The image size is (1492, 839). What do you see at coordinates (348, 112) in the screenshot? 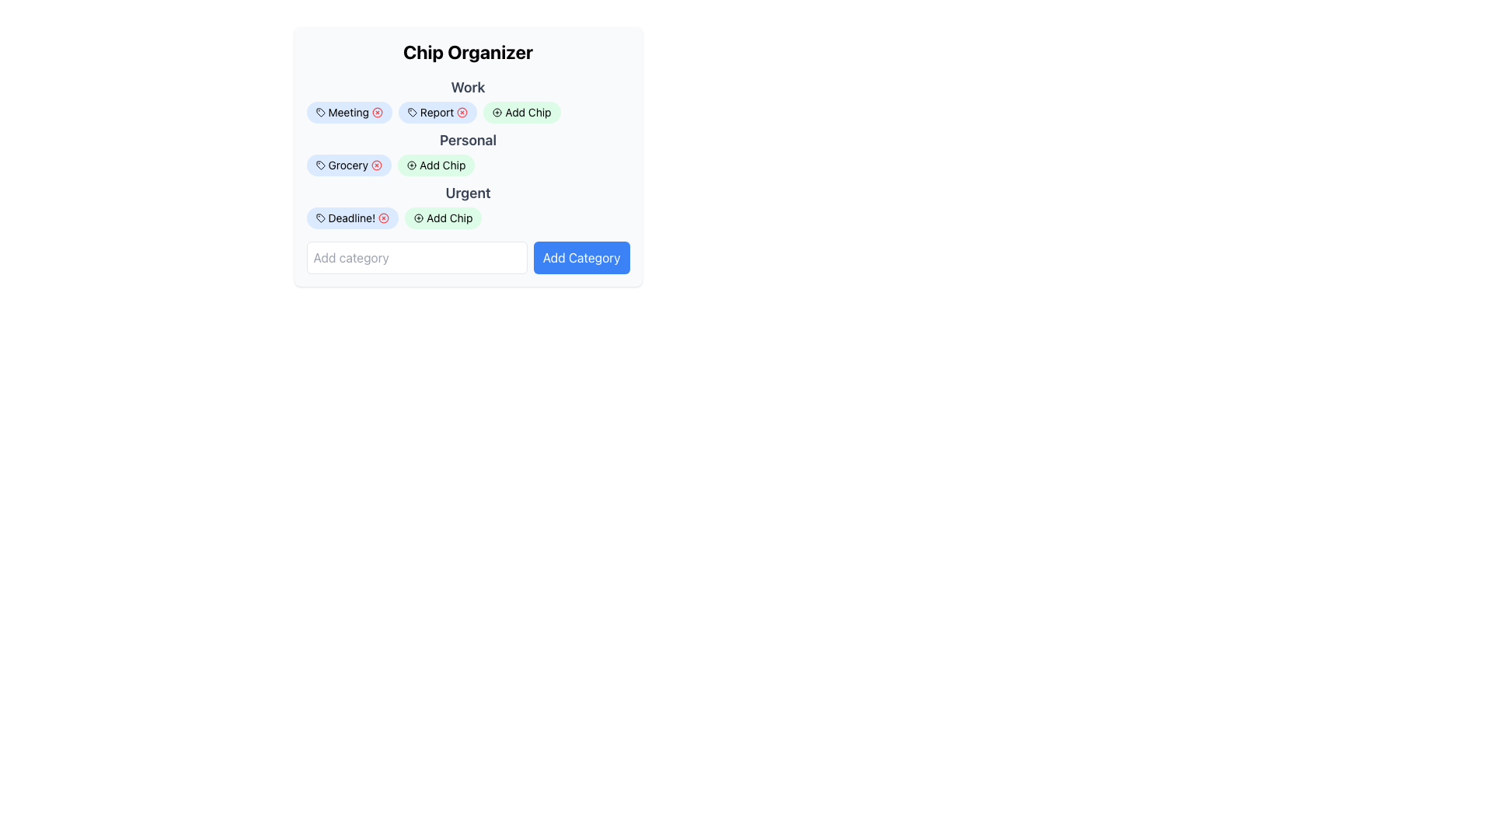
I see `the 'Meeting' chip in the 'Work' section of the 'Chip Organizer' interface, which is the first chip positioned to the left of the 'Report' chip` at bounding box center [348, 112].